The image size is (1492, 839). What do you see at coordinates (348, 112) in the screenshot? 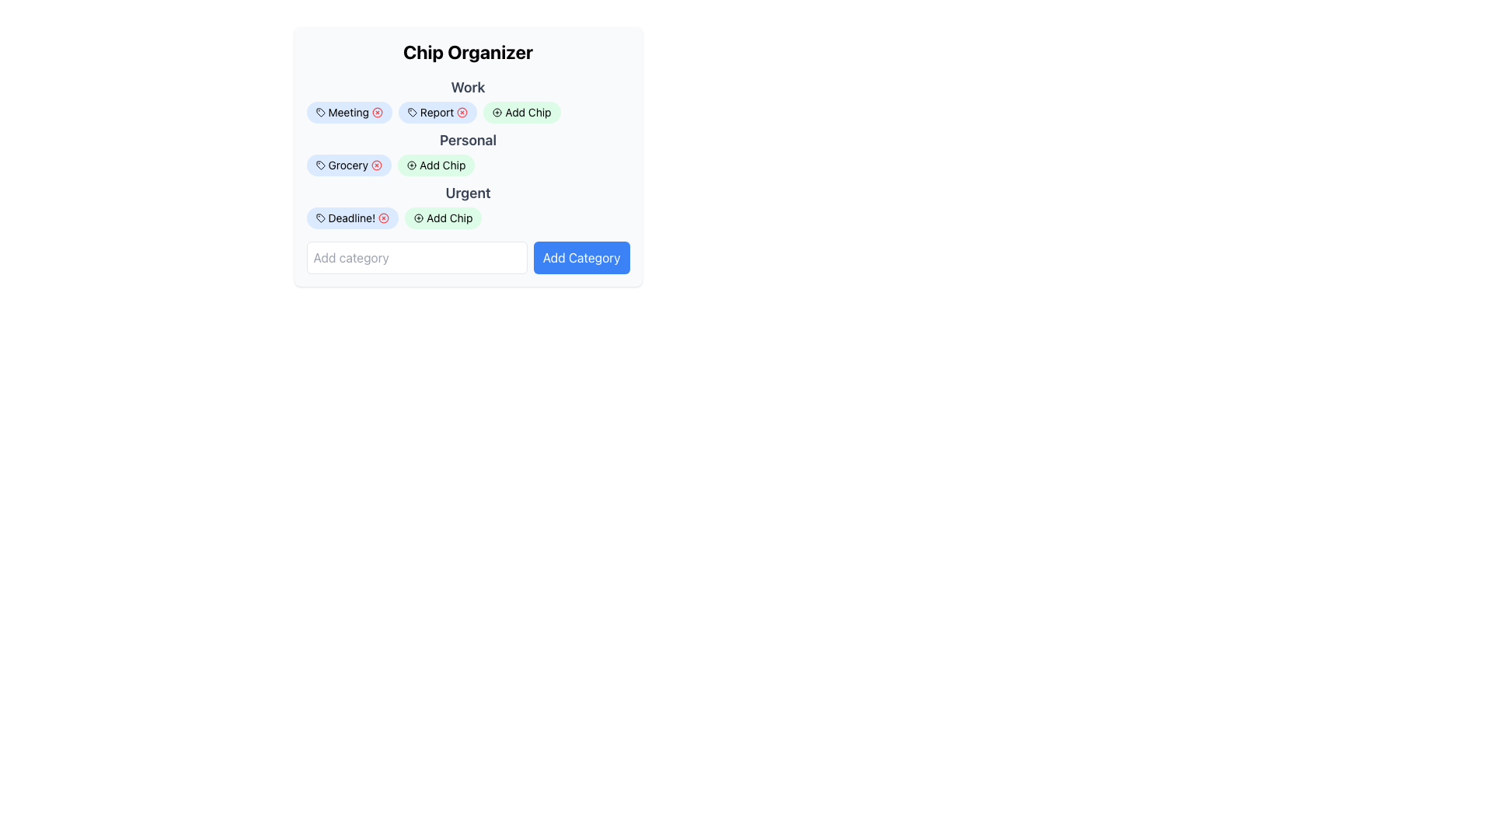
I see `the 'Meeting' chip in the 'Work' section of the 'Chip Organizer' interface, which is the first chip positioned to the left of the 'Report' chip` at bounding box center [348, 112].